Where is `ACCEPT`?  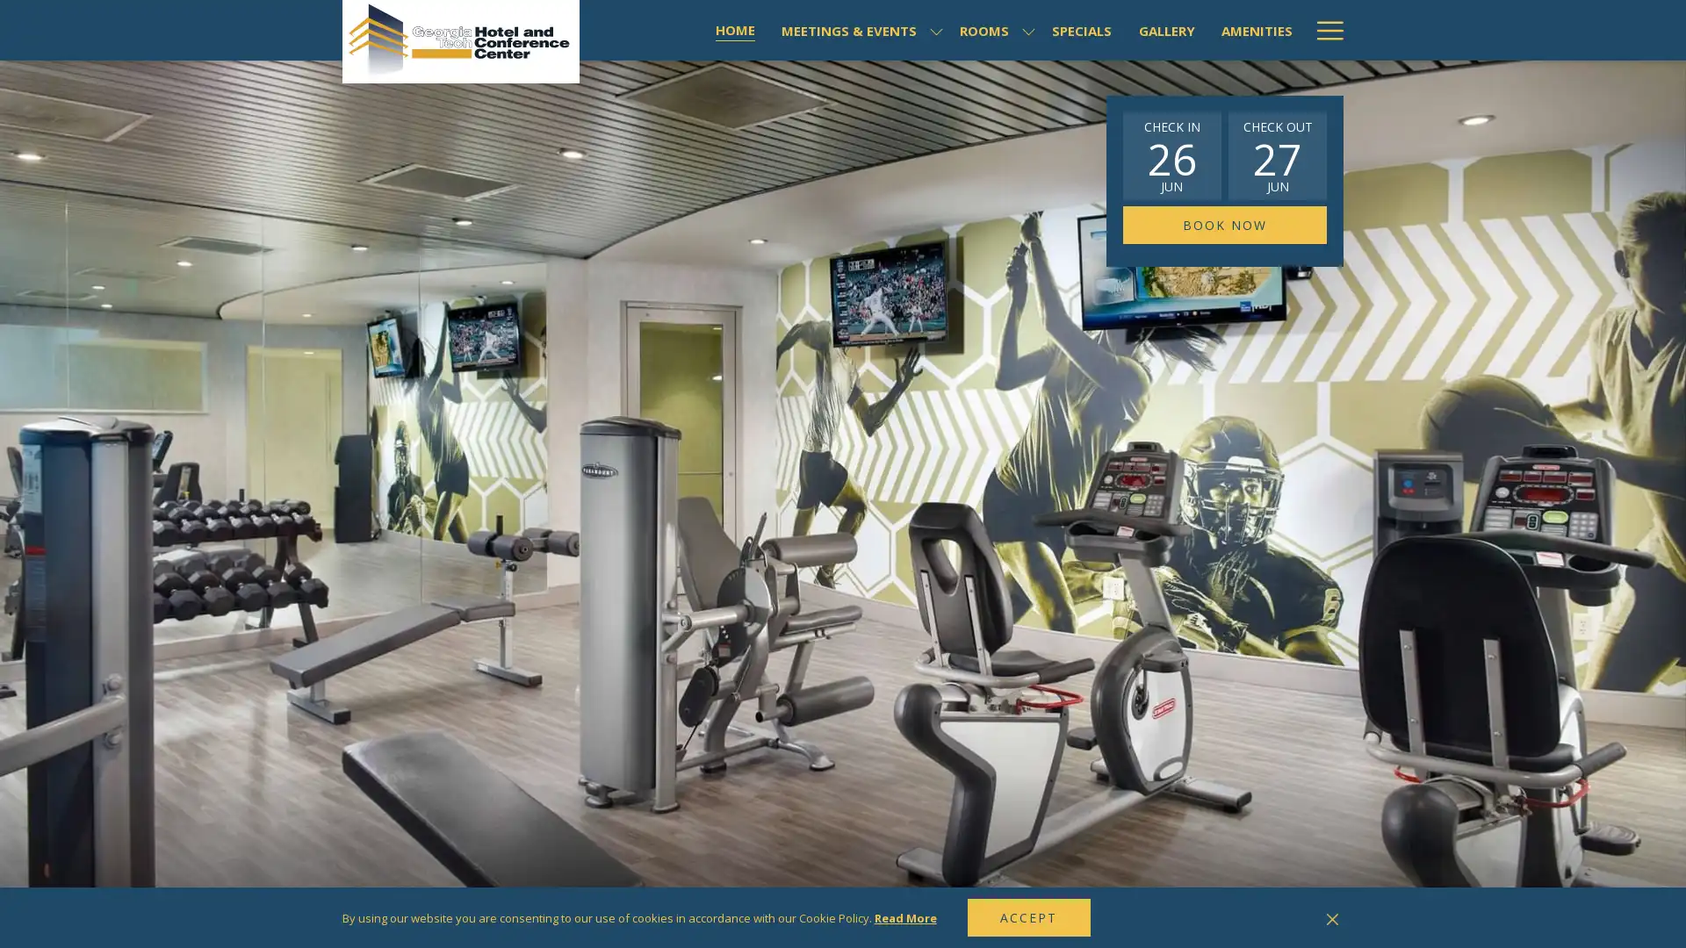
ACCEPT is located at coordinates (1028, 916).